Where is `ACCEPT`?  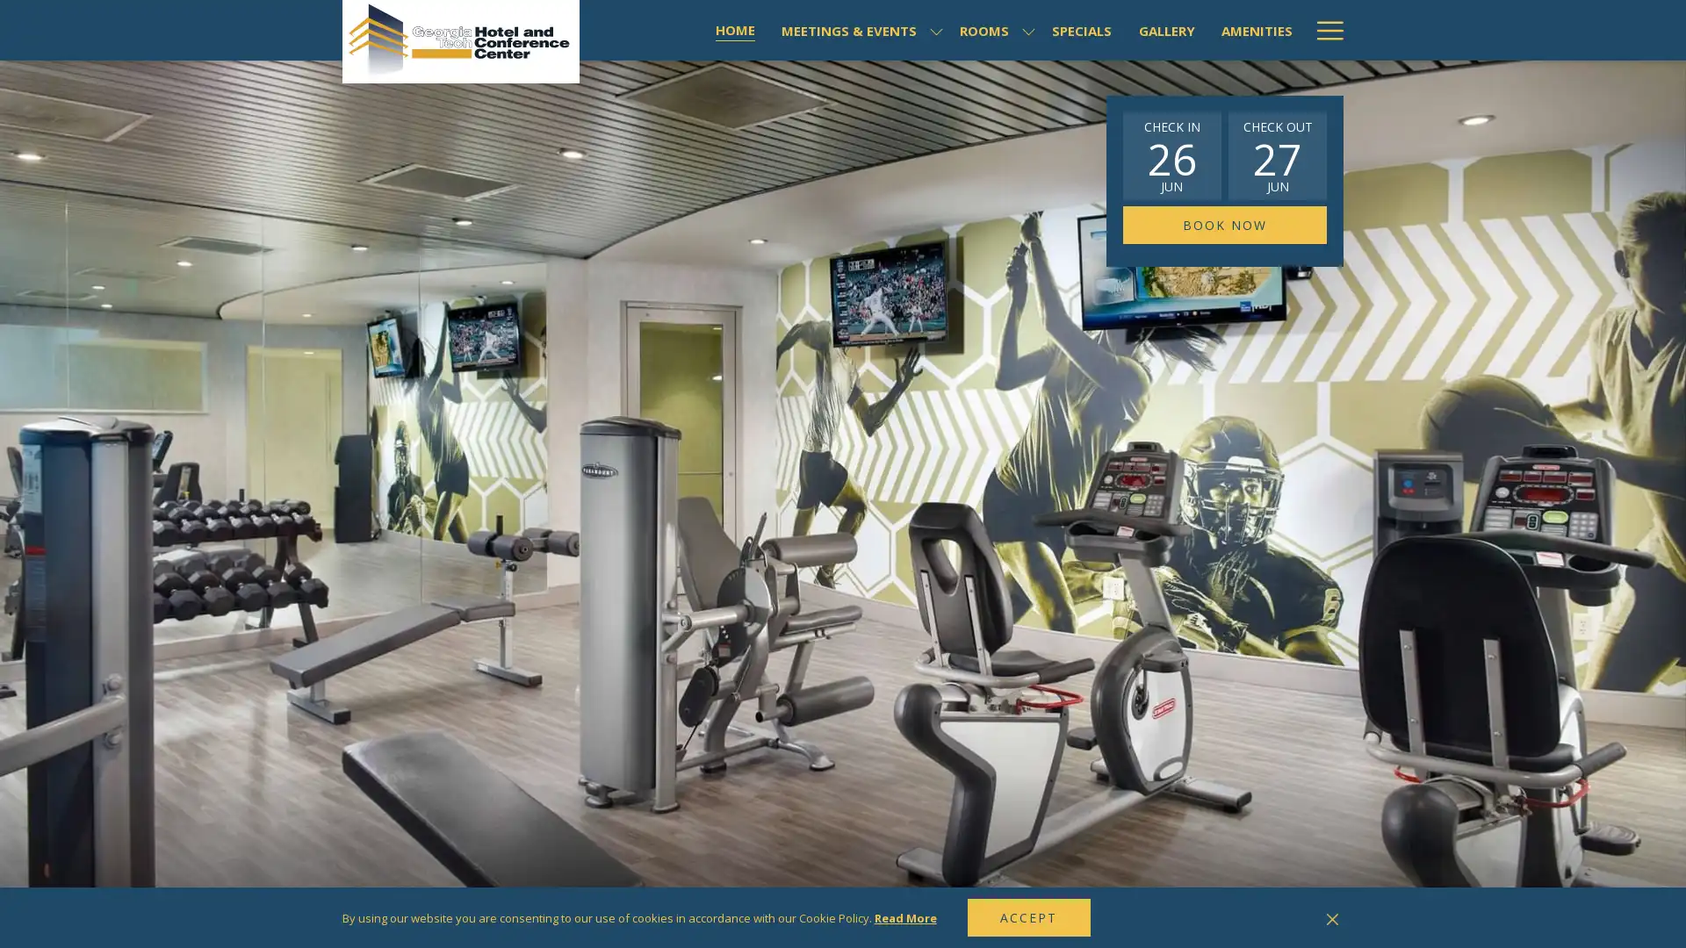
ACCEPT is located at coordinates (1028, 916).